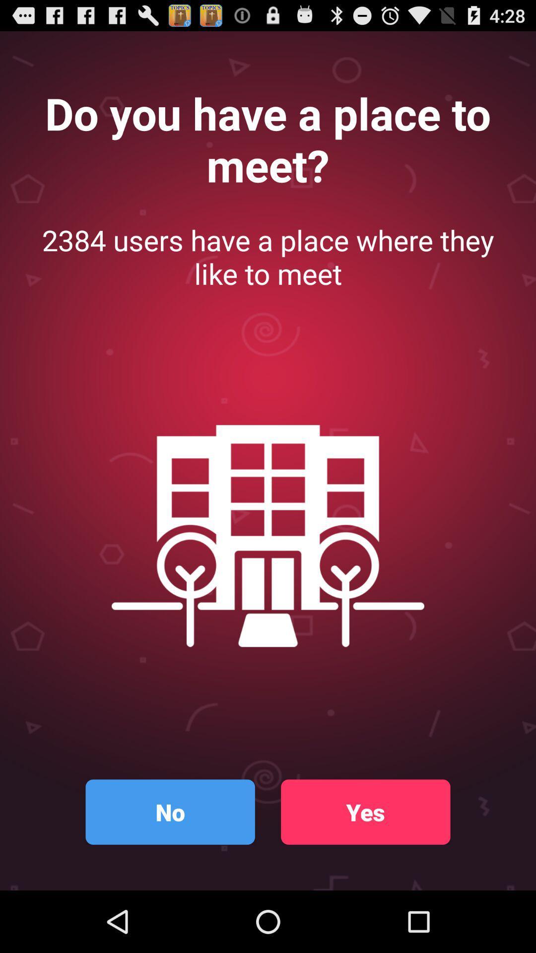 This screenshot has width=536, height=953. What do you see at coordinates (170, 812) in the screenshot?
I see `button at the bottom left corner` at bounding box center [170, 812].